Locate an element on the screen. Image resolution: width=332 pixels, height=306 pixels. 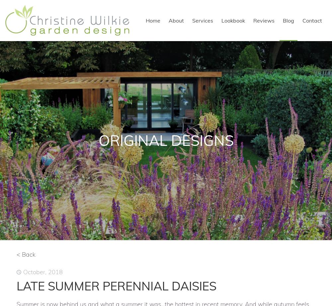
'October, 2018' is located at coordinates (43, 272).